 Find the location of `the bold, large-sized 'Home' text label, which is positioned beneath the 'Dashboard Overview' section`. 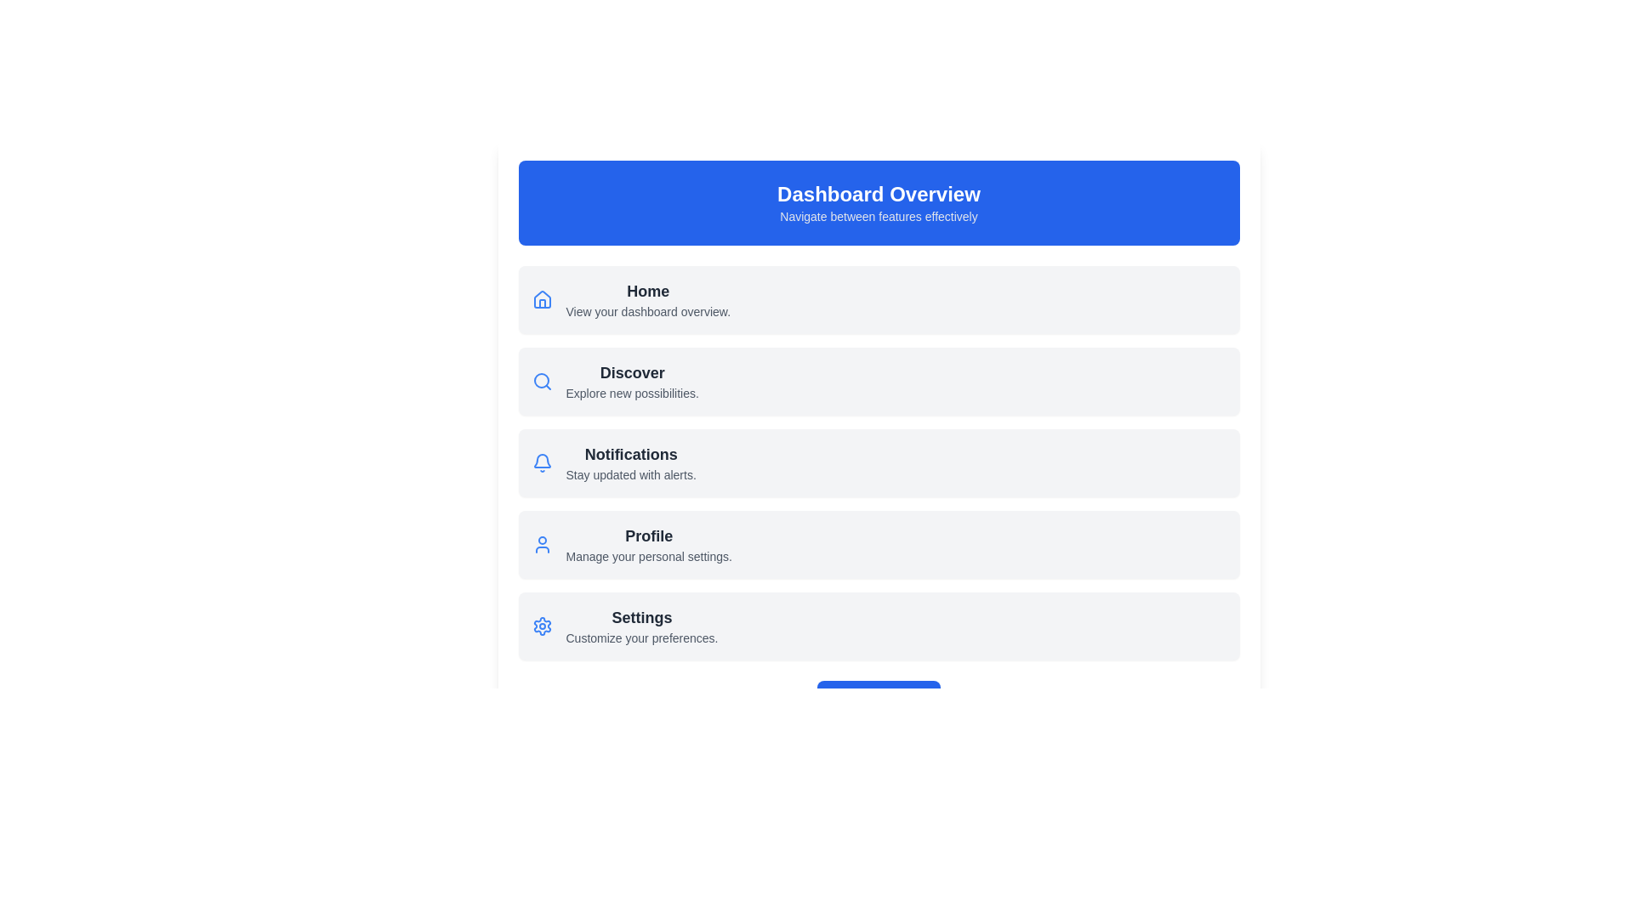

the bold, large-sized 'Home' text label, which is positioned beneath the 'Dashboard Overview' section is located at coordinates (647, 291).